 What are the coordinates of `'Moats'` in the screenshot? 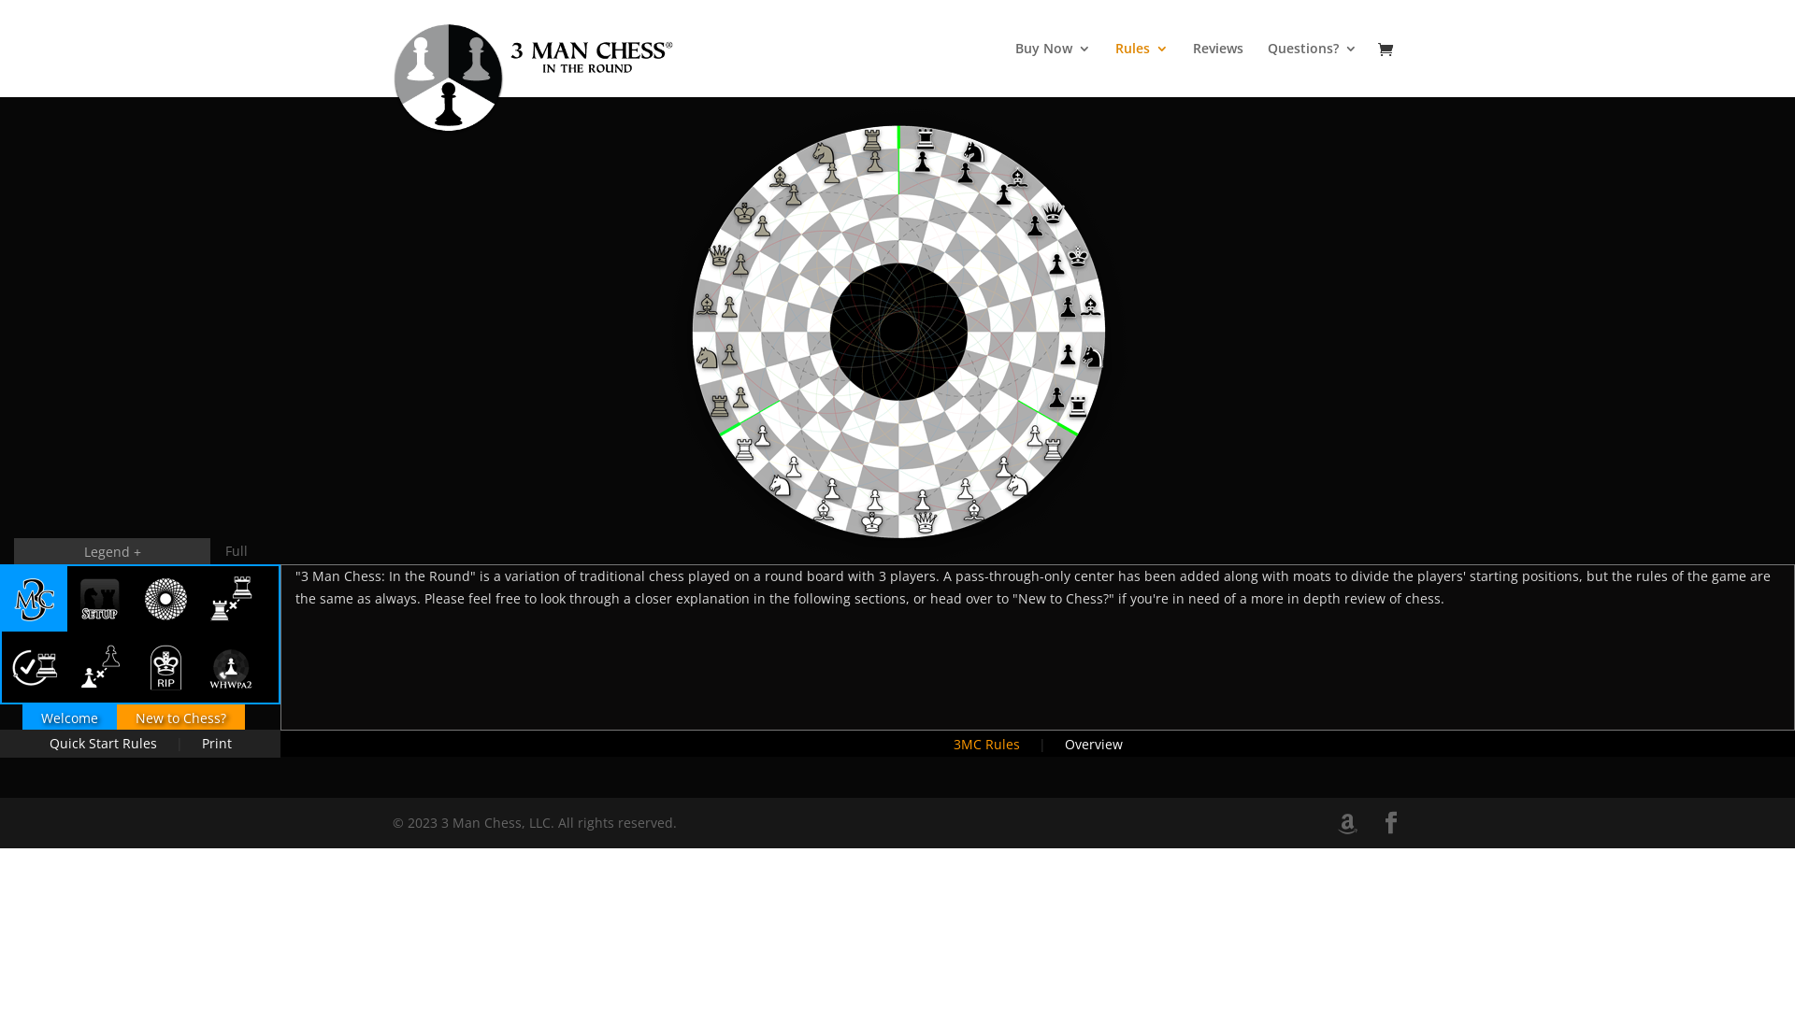 It's located at (229, 598).